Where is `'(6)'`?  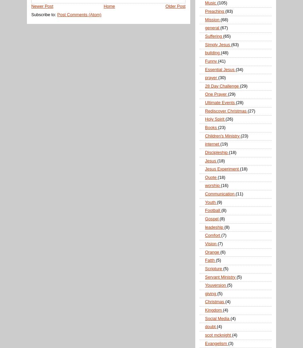 '(6)' is located at coordinates (220, 252).